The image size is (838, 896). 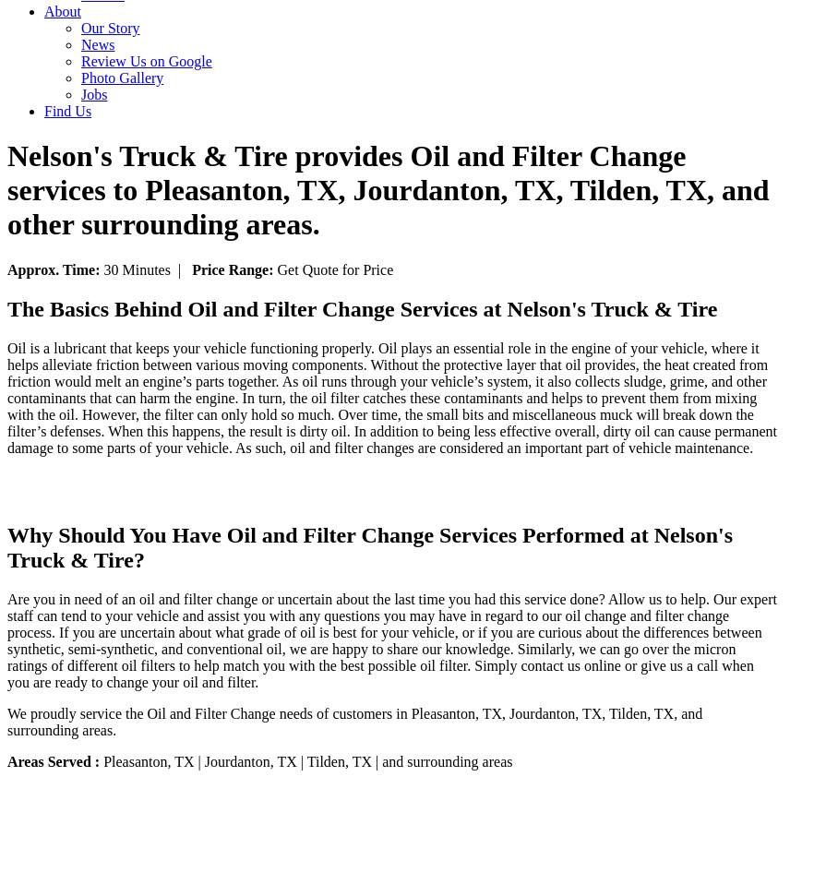 I want to click on 'Find Us', so click(x=44, y=111).